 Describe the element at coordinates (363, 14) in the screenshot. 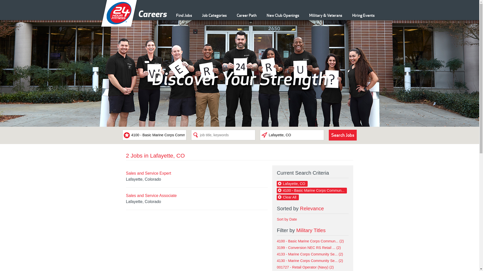

I see `'Hiring Events'` at that location.